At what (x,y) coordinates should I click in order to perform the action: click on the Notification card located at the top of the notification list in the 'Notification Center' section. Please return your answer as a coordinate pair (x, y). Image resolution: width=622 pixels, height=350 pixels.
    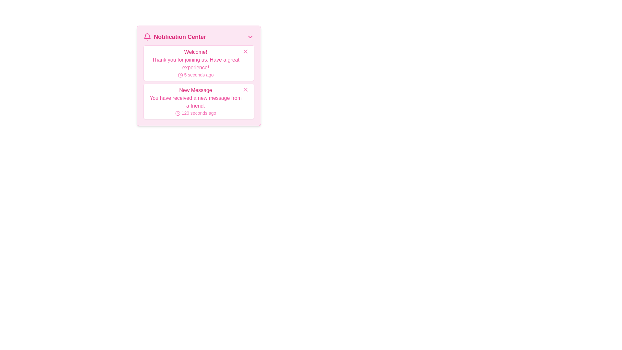
    Looking at the image, I should click on (199, 63).